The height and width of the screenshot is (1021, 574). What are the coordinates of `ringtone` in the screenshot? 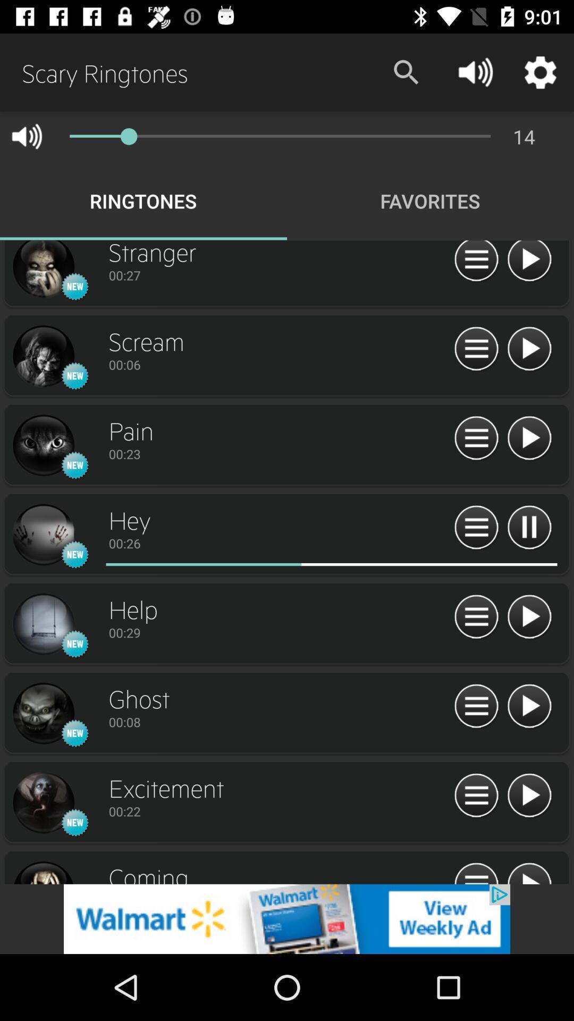 It's located at (43, 535).